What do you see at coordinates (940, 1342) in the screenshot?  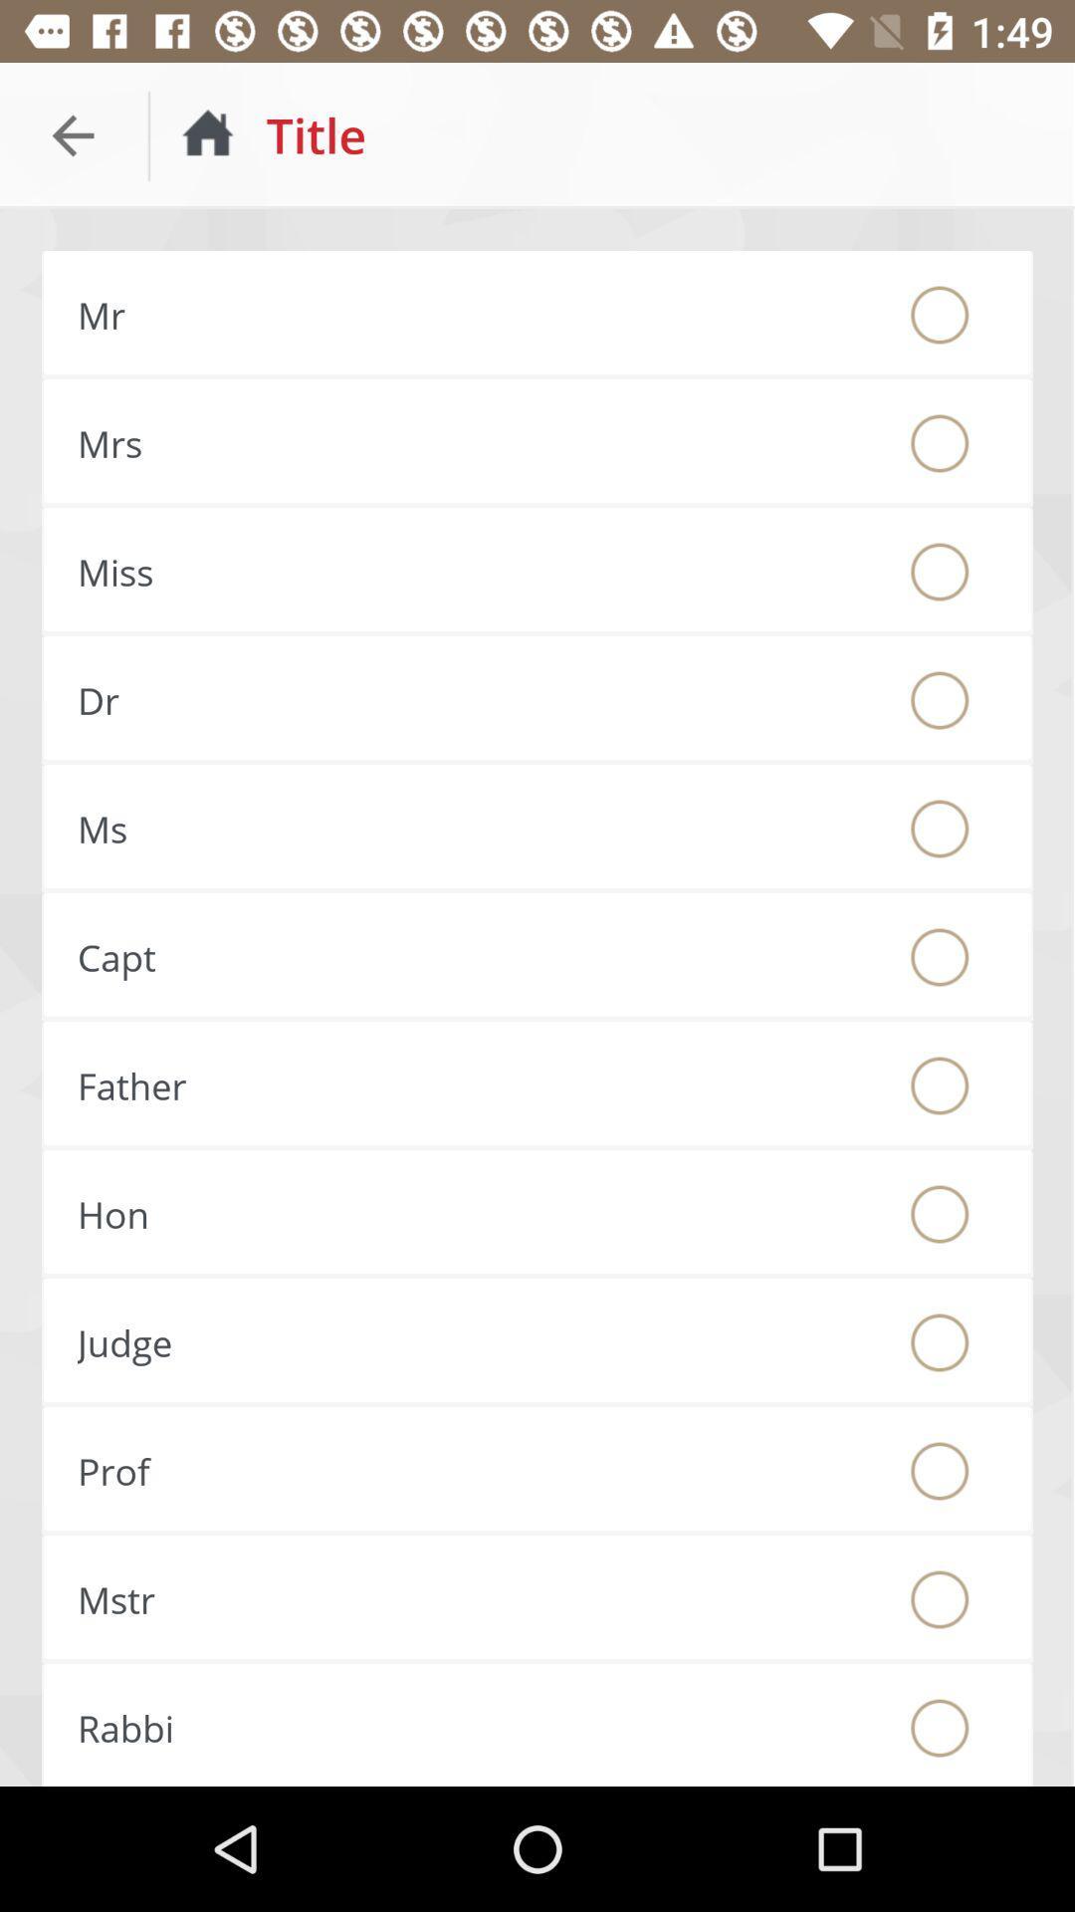 I see `title` at bounding box center [940, 1342].